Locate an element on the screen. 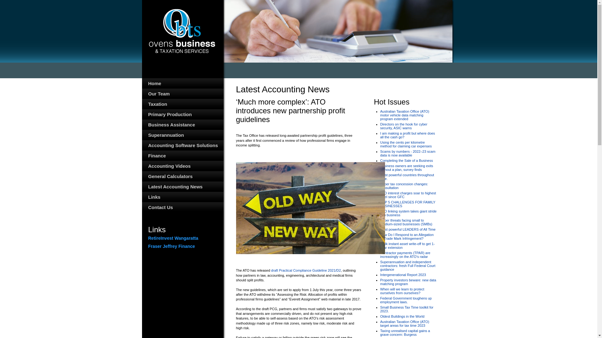 The width and height of the screenshot is (602, 338). 'ATO interest charges soar to highest level since GFC' is located at coordinates (408, 195).